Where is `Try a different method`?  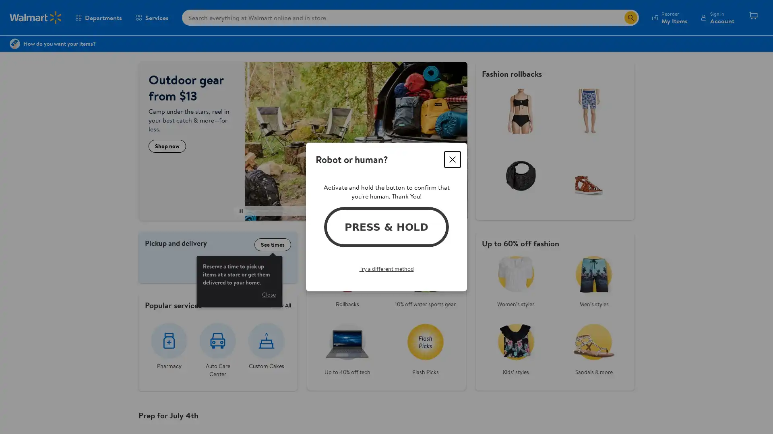 Try a different method is located at coordinates (386, 268).